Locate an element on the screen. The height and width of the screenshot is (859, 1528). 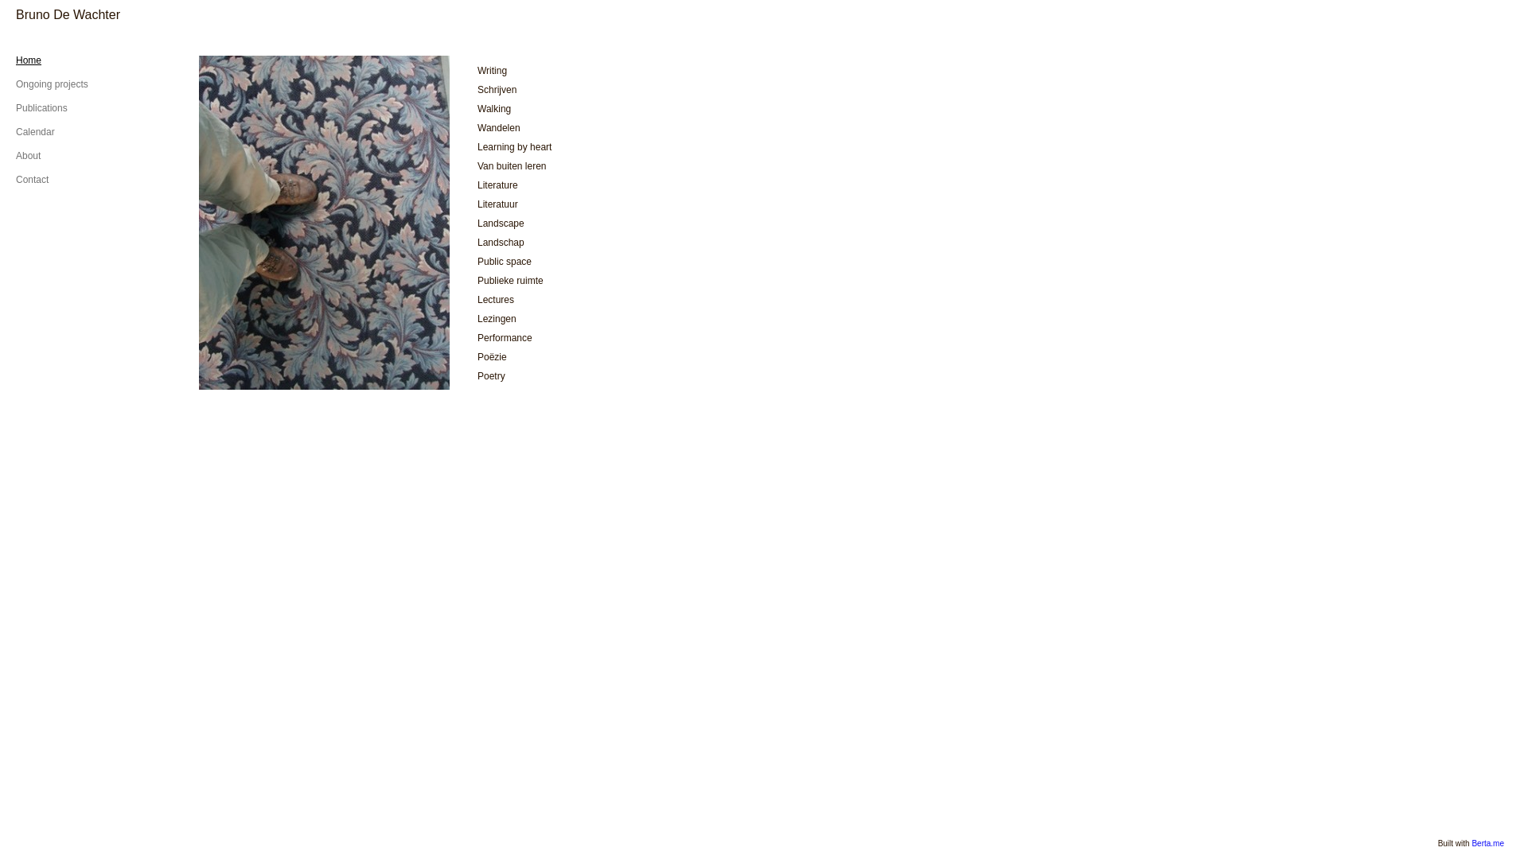
'Home' is located at coordinates (28, 60).